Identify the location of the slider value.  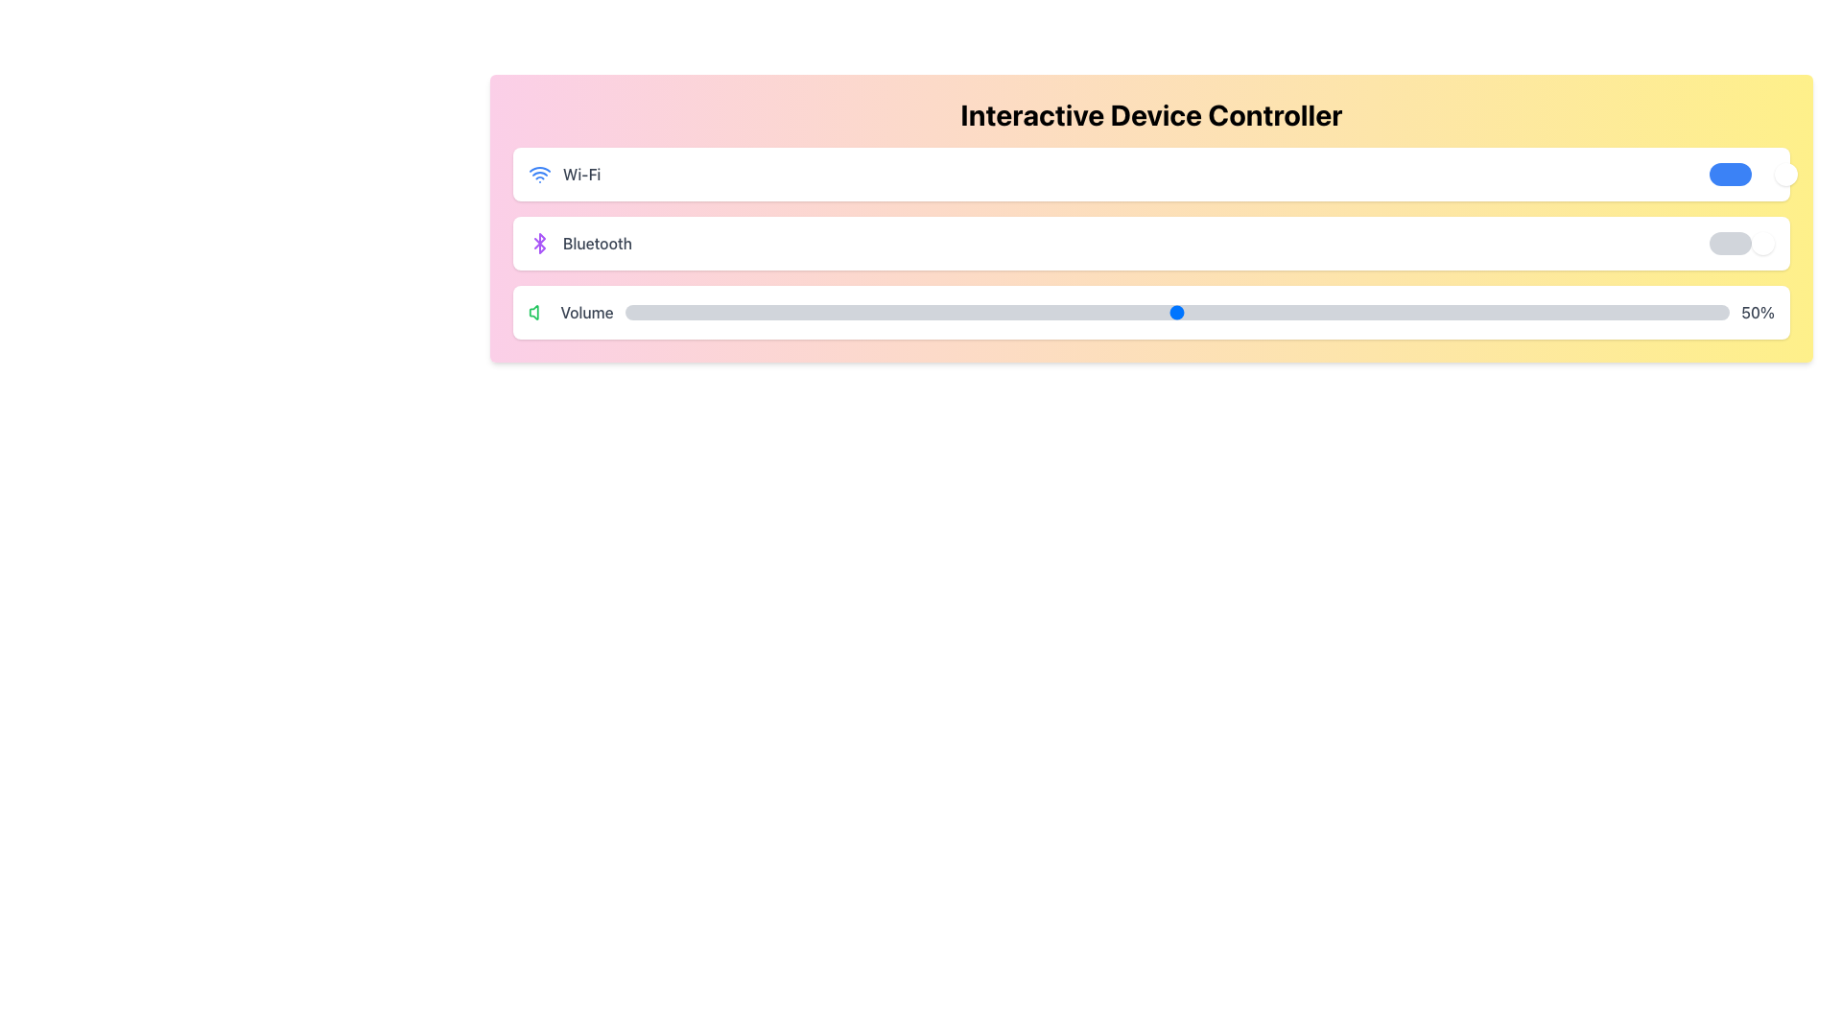
(900, 303).